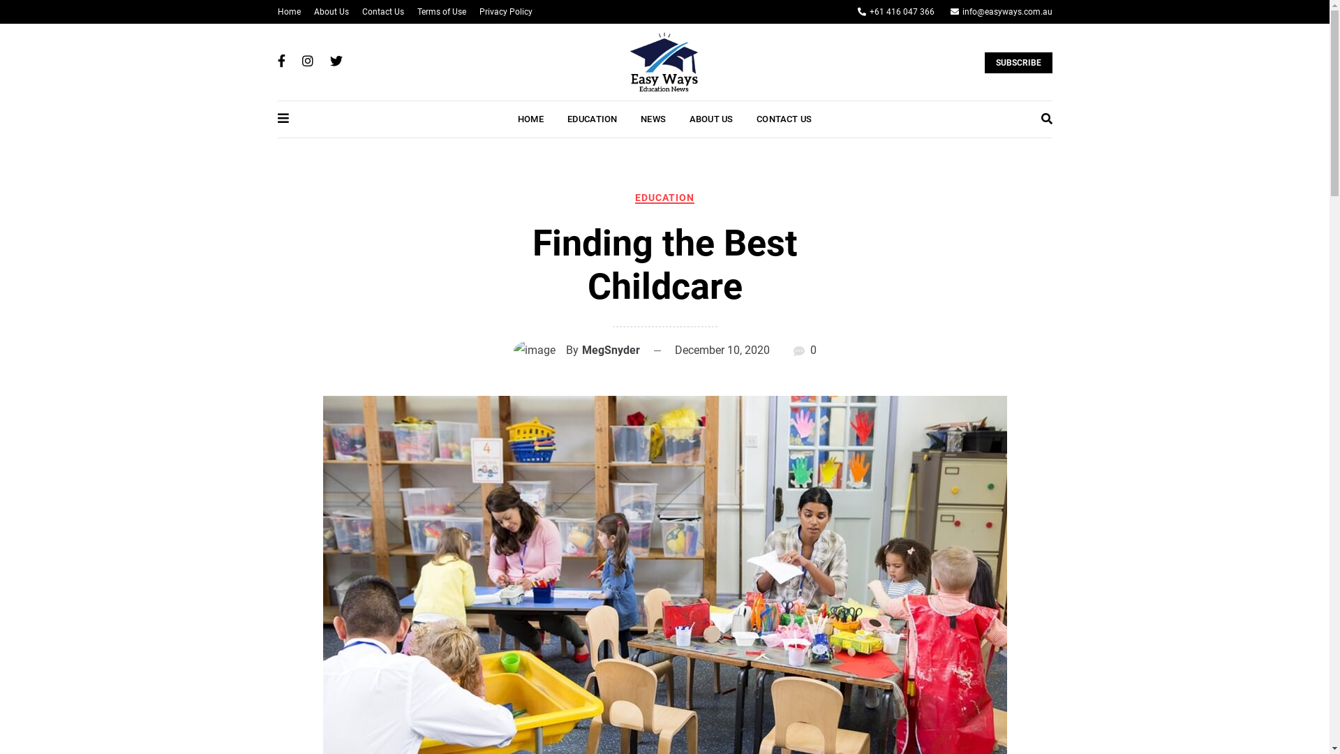  I want to click on 'Contact Us', so click(382, 11).